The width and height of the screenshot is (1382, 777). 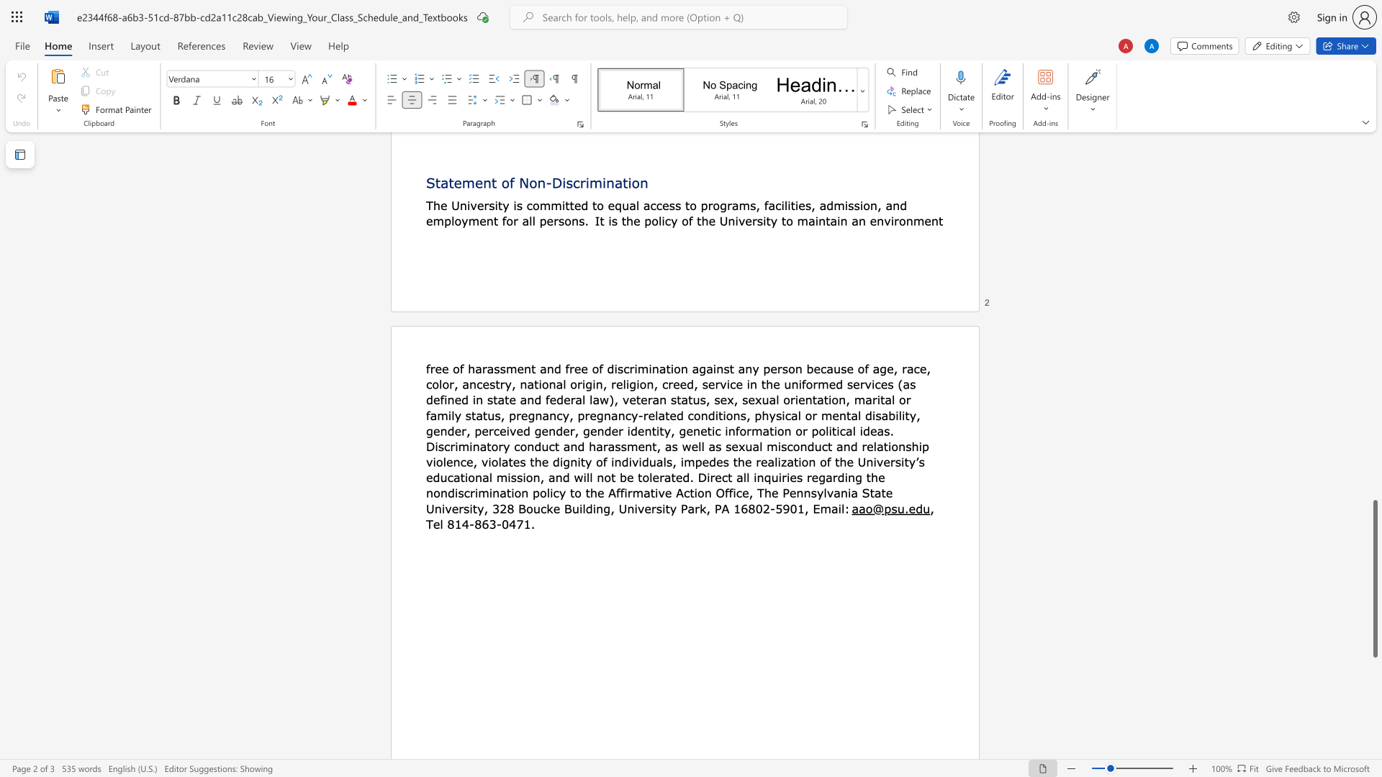 What do you see at coordinates (1374, 452) in the screenshot?
I see `the scrollbar to adjust the page upward` at bounding box center [1374, 452].